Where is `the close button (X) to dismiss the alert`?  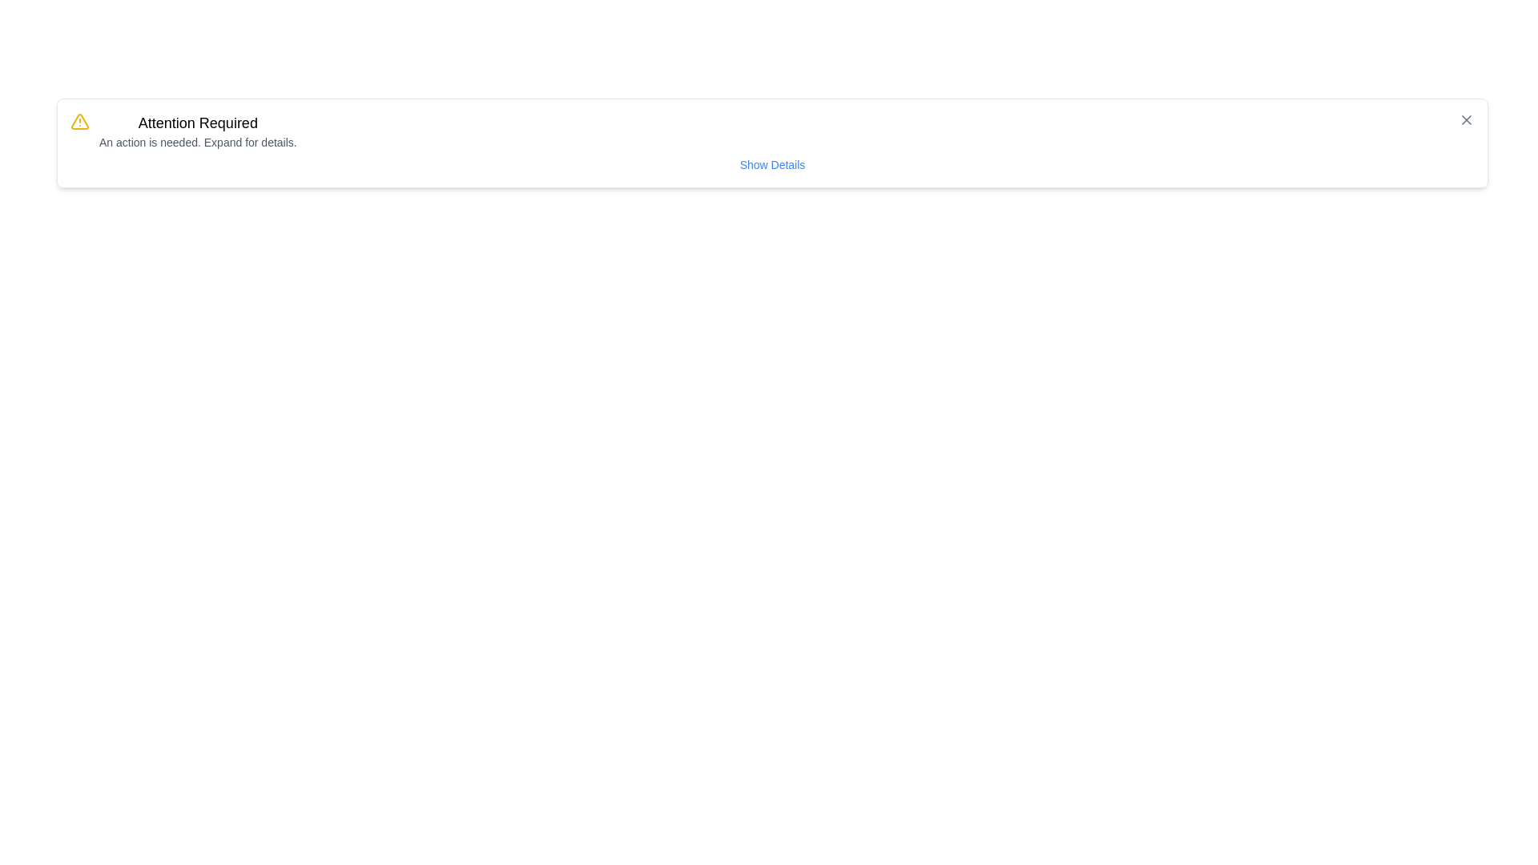 the close button (X) to dismiss the alert is located at coordinates (1466, 119).